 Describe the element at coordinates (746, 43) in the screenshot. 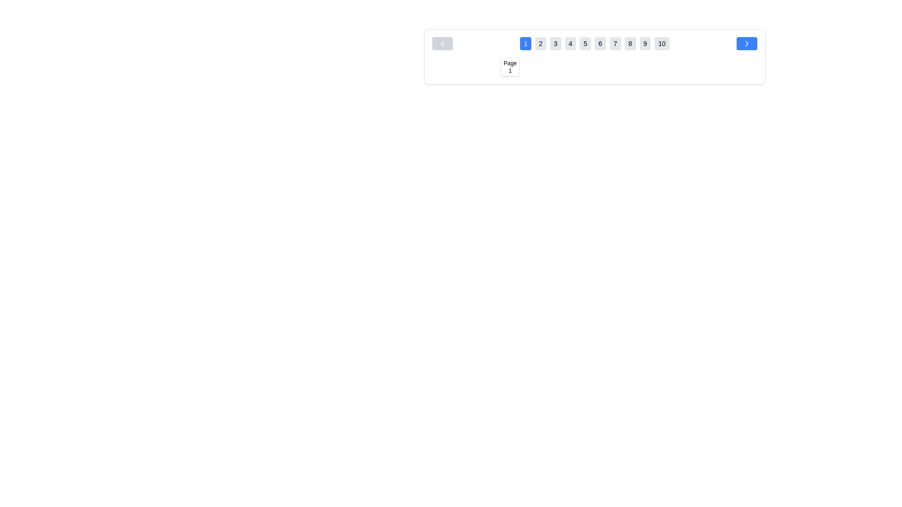

I see `the right-pointing chevron icon, which is styled with a thin outline and located at the center of a rounded blue button on the far-right side of the navigation interface` at that location.